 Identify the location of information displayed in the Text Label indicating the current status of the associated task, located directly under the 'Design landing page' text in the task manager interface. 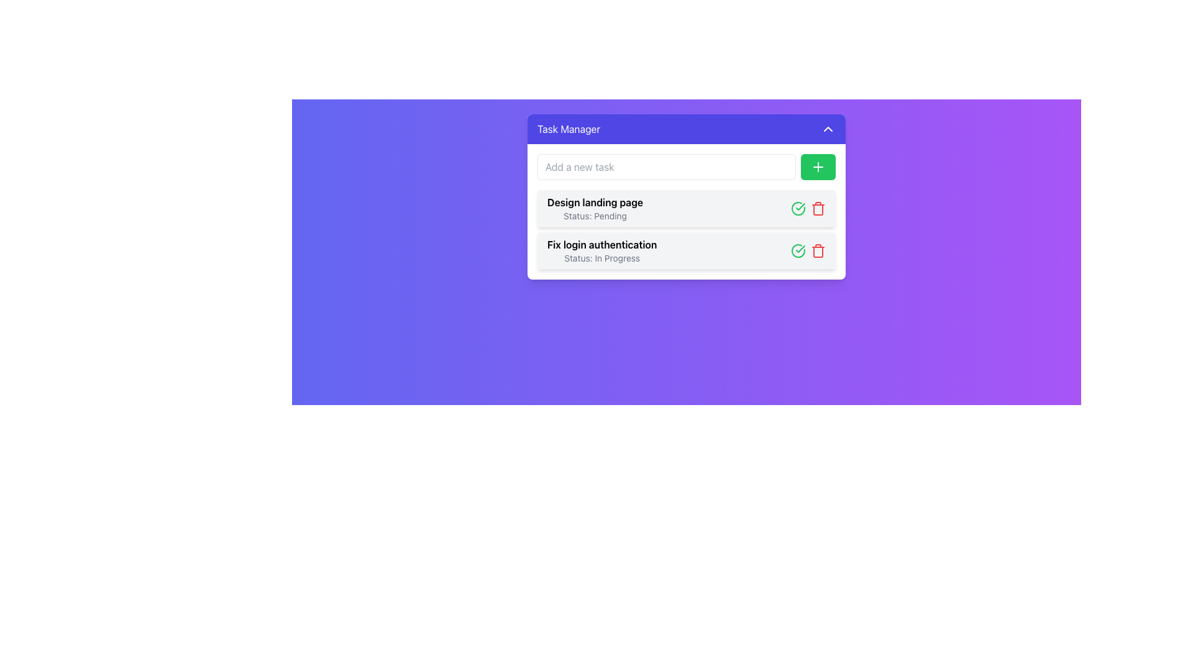
(595, 215).